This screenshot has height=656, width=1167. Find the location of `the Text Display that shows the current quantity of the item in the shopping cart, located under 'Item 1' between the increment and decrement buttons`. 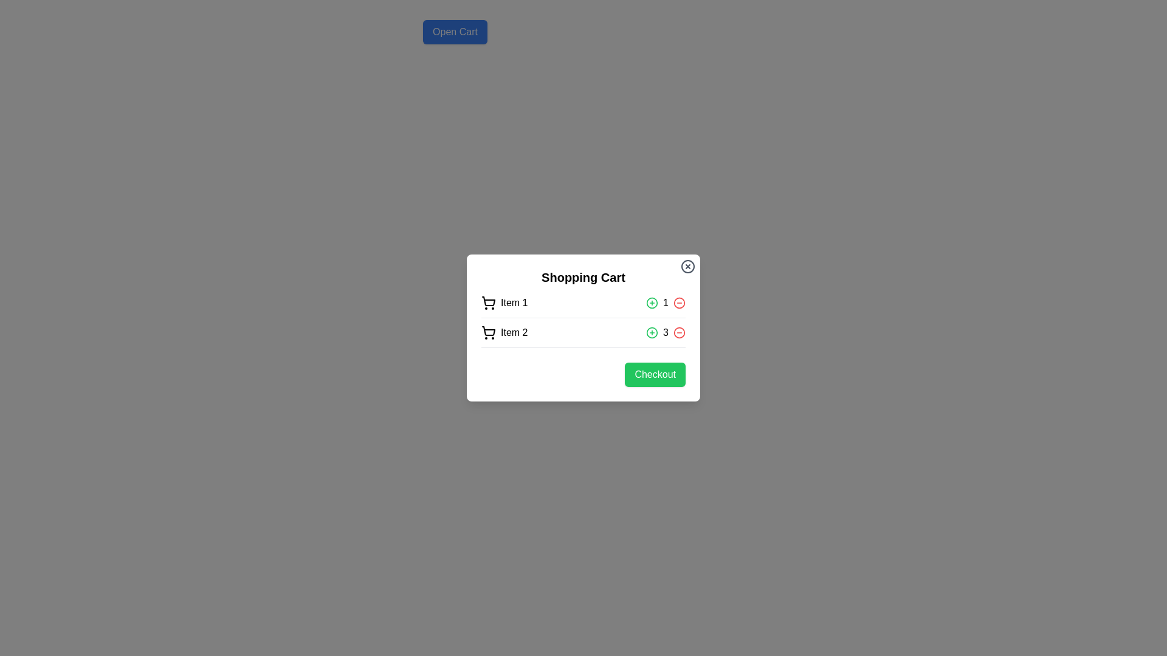

the Text Display that shows the current quantity of the item in the shopping cart, located under 'Item 1' between the increment and decrement buttons is located at coordinates (665, 302).